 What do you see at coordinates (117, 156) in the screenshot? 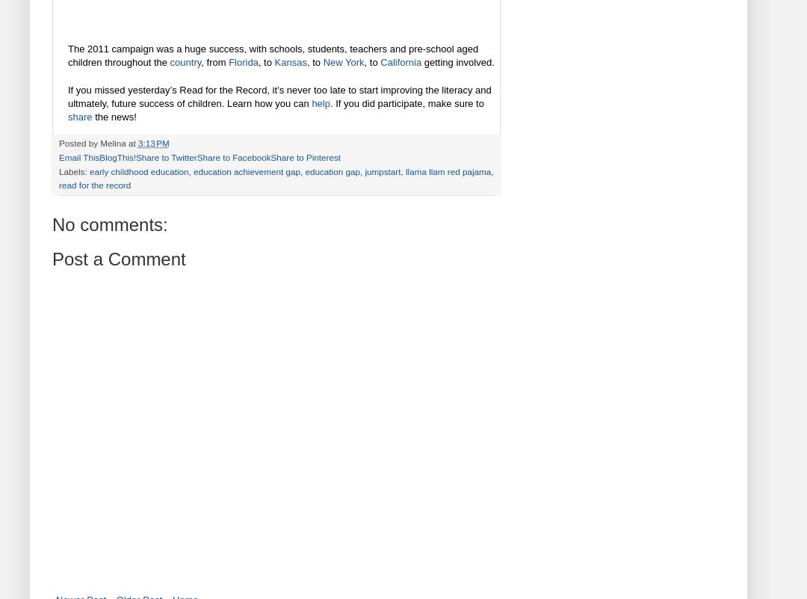
I see `'BlogThis!'` at bounding box center [117, 156].